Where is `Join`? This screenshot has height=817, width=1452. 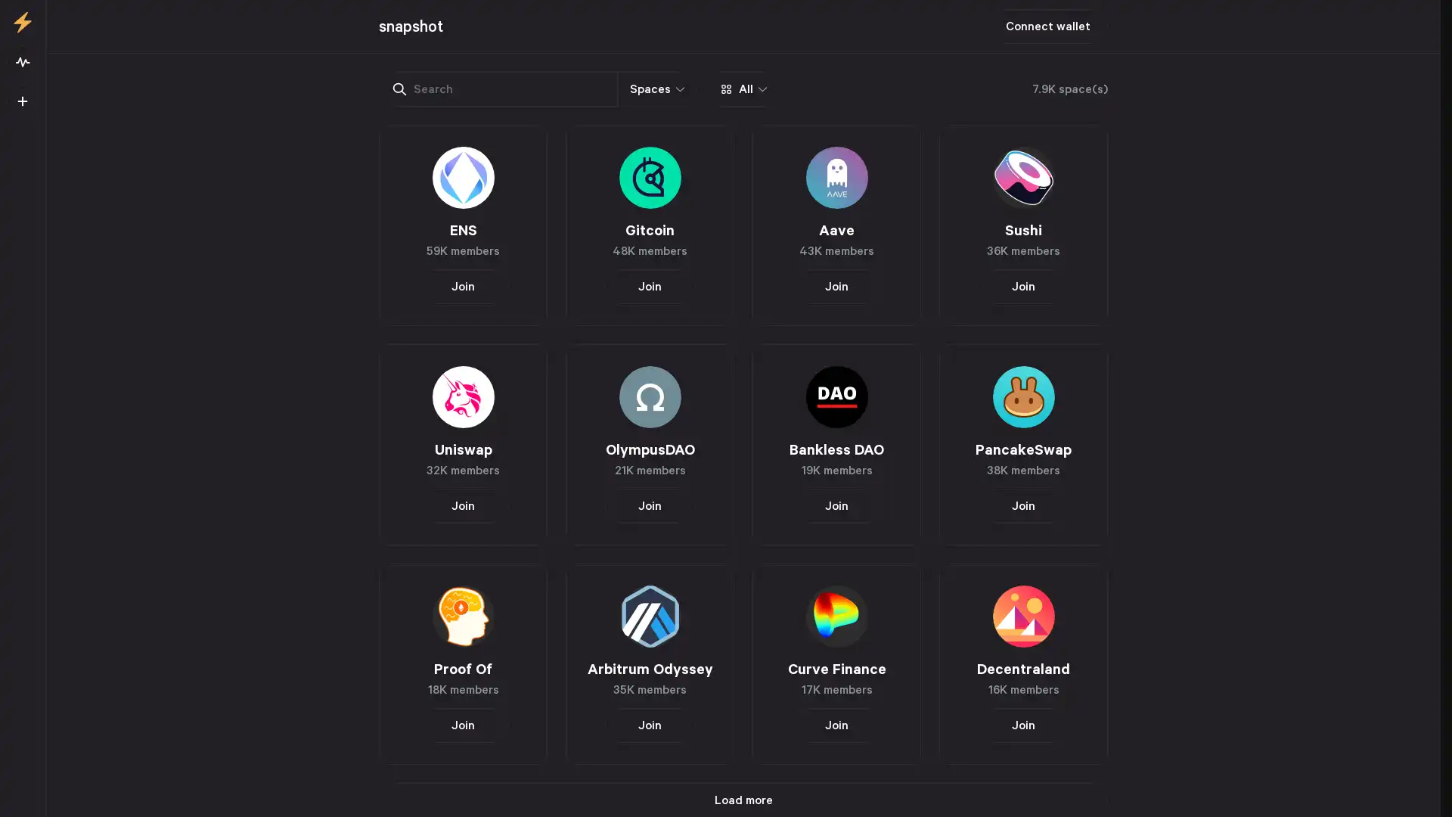 Join is located at coordinates (650, 286).